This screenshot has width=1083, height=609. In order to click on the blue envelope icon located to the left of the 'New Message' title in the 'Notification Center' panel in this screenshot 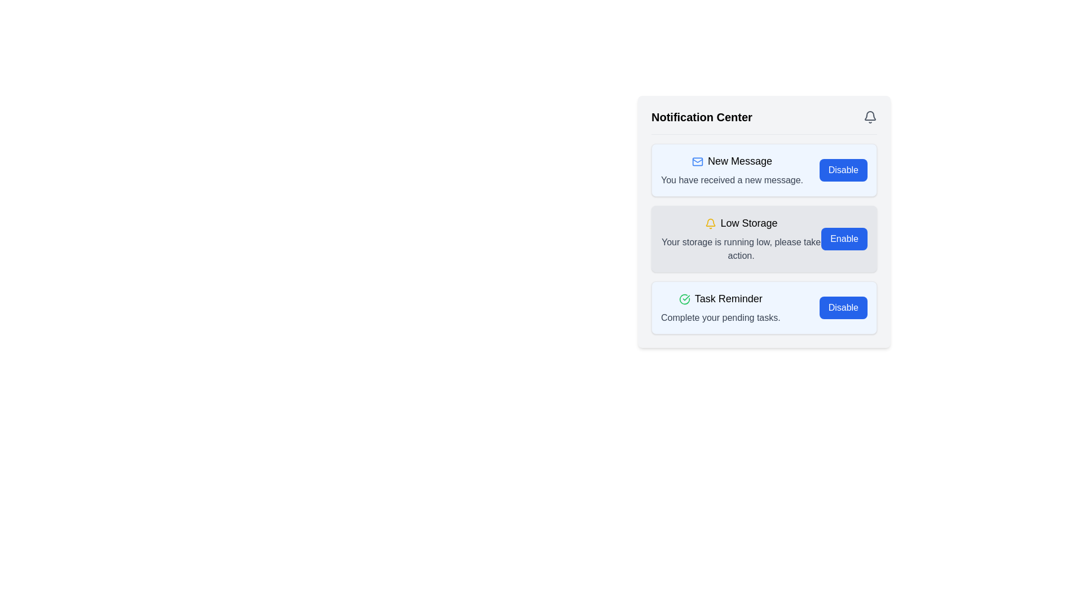, I will do `click(697, 162)`.